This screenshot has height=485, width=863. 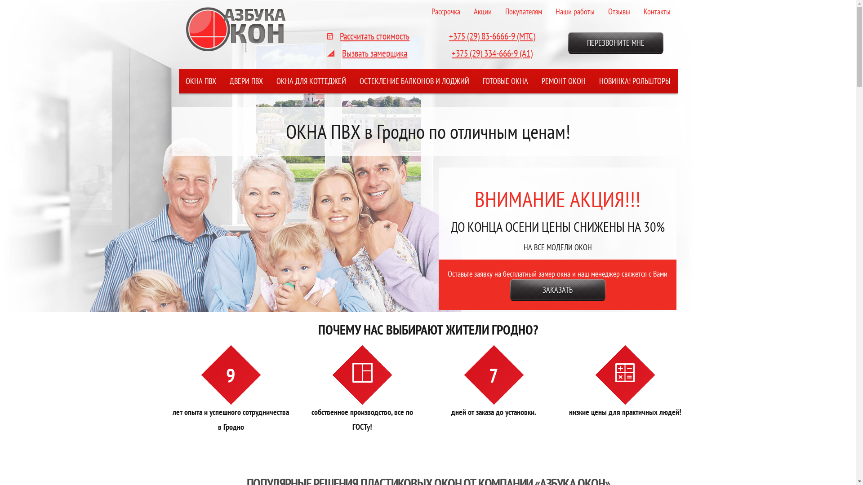 I want to click on '+375 (29) 334-666-9 (A1)', so click(x=451, y=53).